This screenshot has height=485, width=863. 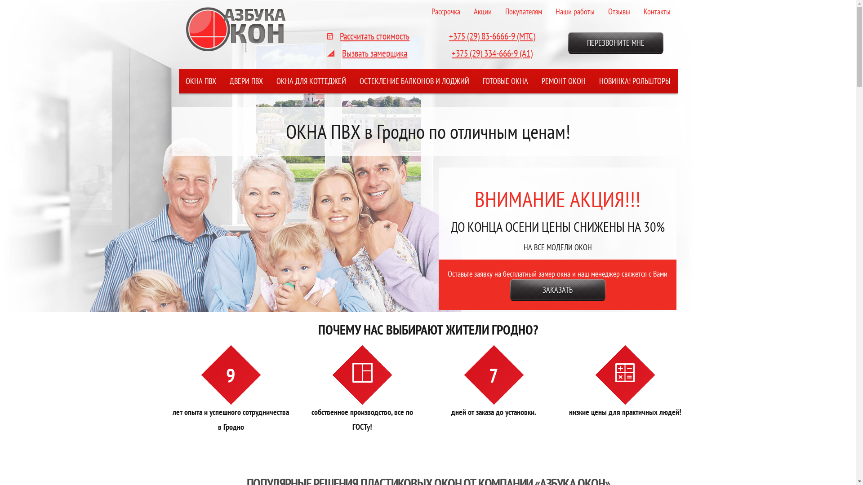 I want to click on '+375 (29) 334-666-9 (A1)', so click(x=451, y=53).